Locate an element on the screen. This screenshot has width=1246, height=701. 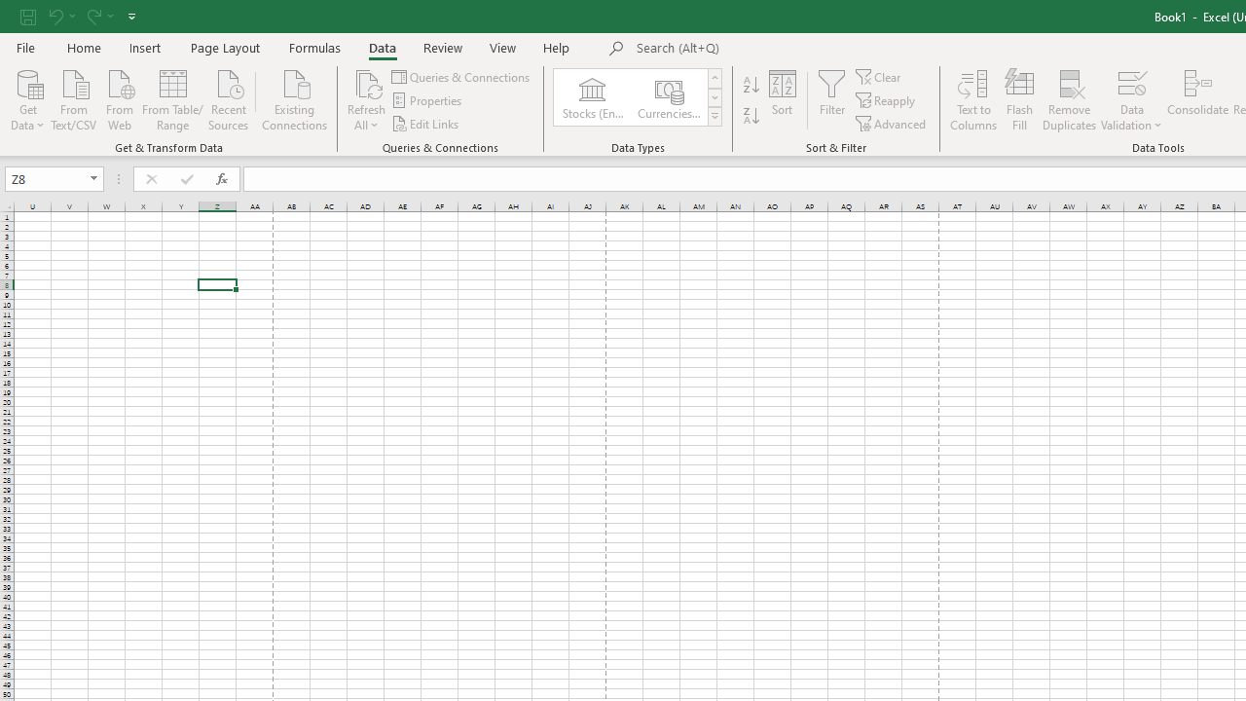
'Consolidate...' is located at coordinates (1196, 100).